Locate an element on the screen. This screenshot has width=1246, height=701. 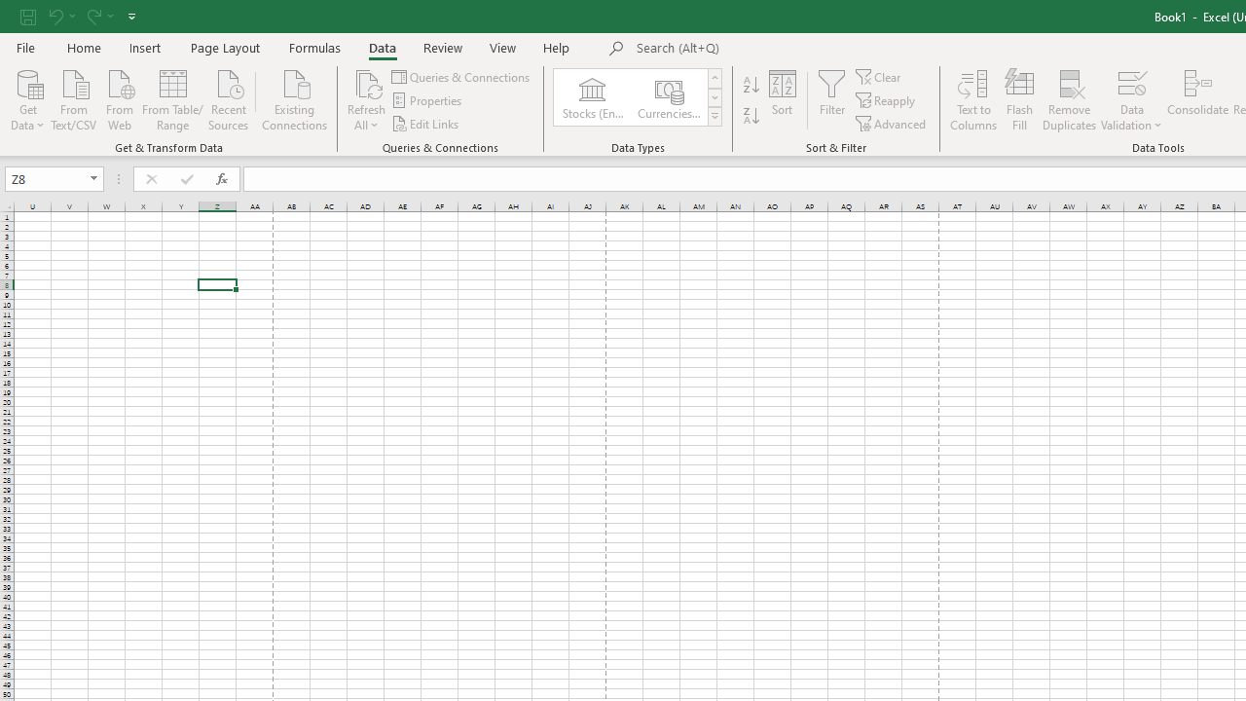
'Consolidate...' is located at coordinates (1196, 100).